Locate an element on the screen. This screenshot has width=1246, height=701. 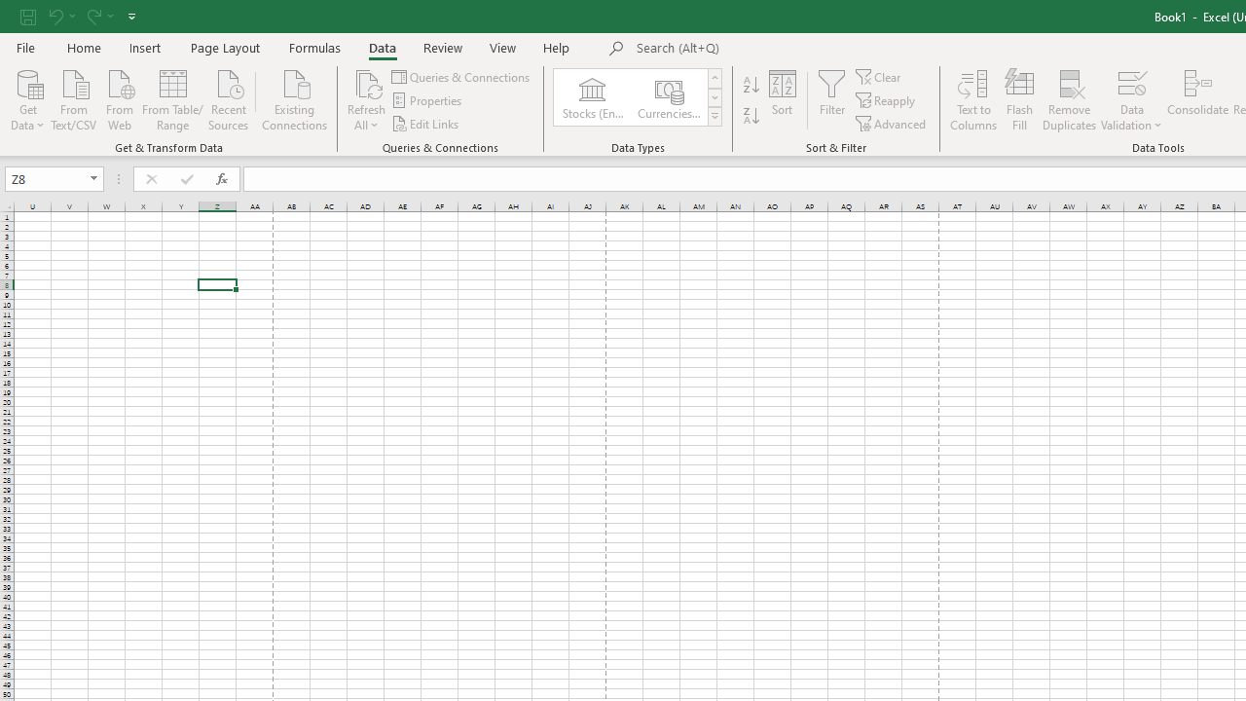
'Consolidate...' is located at coordinates (1196, 100).